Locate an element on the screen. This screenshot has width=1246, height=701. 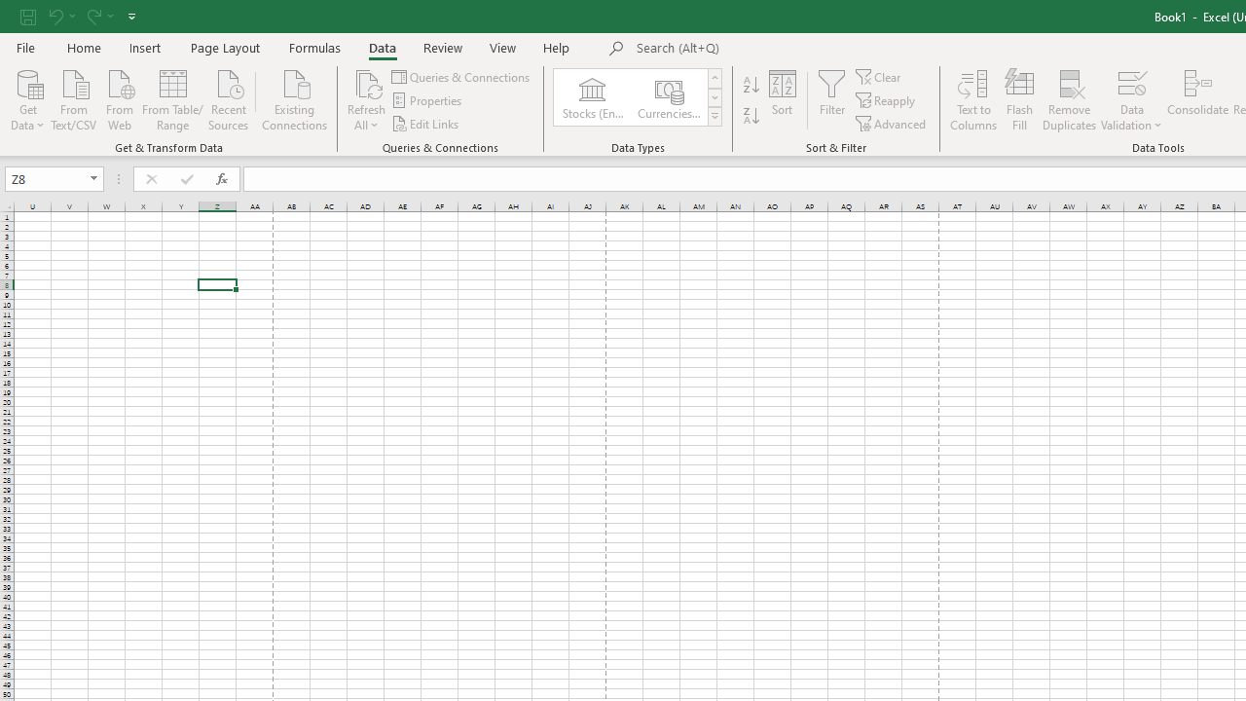
'Consolidate...' is located at coordinates (1196, 100).